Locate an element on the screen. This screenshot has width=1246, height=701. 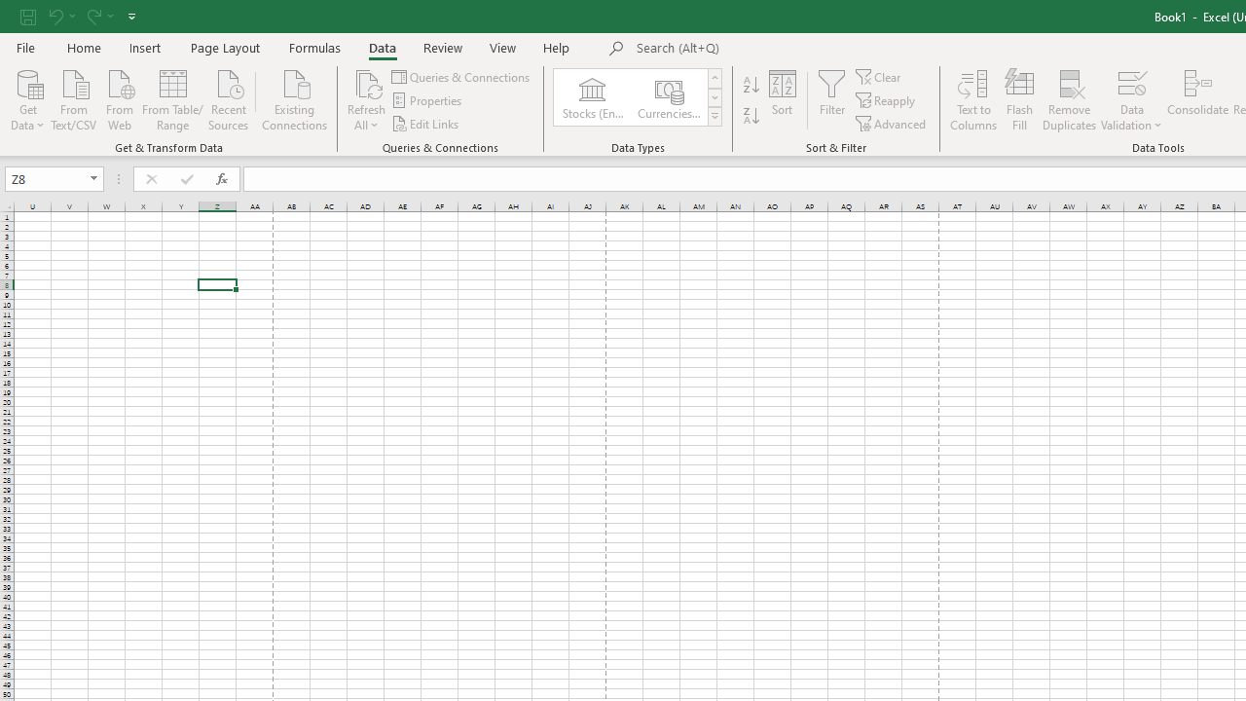
'Consolidate...' is located at coordinates (1196, 100).